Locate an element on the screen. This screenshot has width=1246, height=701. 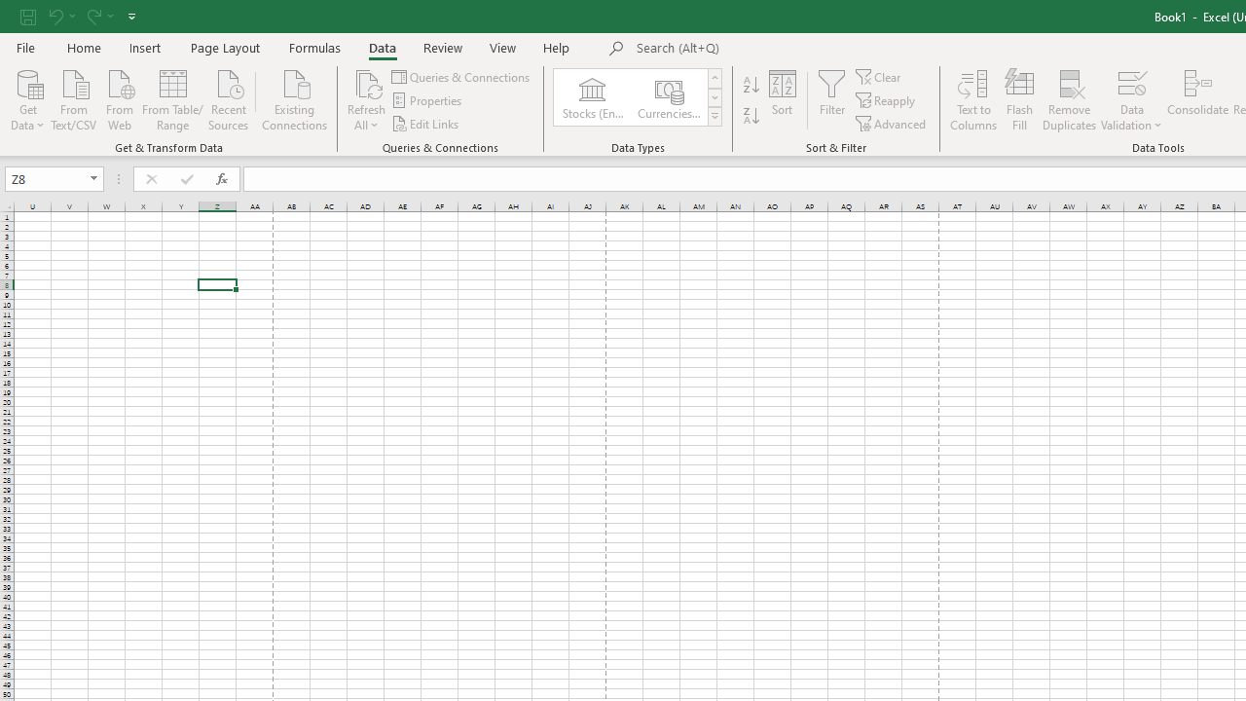
'Consolidate...' is located at coordinates (1196, 100).